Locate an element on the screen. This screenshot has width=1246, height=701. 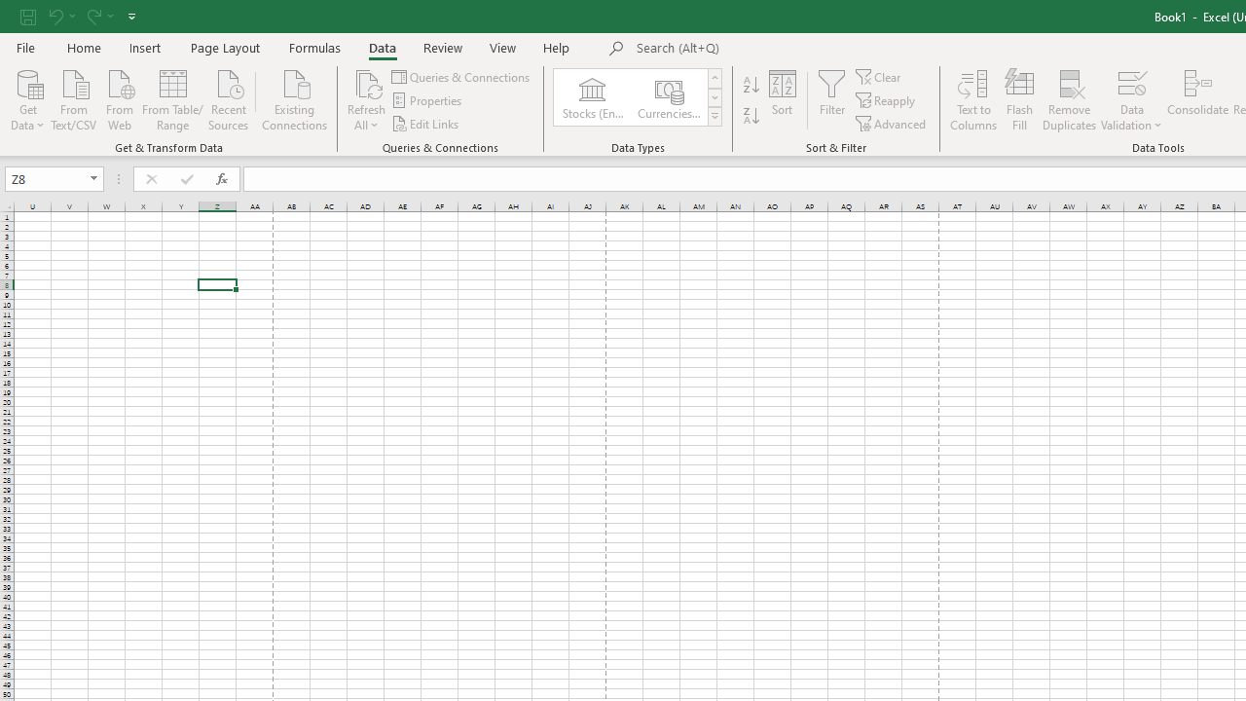
'Consolidate...' is located at coordinates (1196, 100).